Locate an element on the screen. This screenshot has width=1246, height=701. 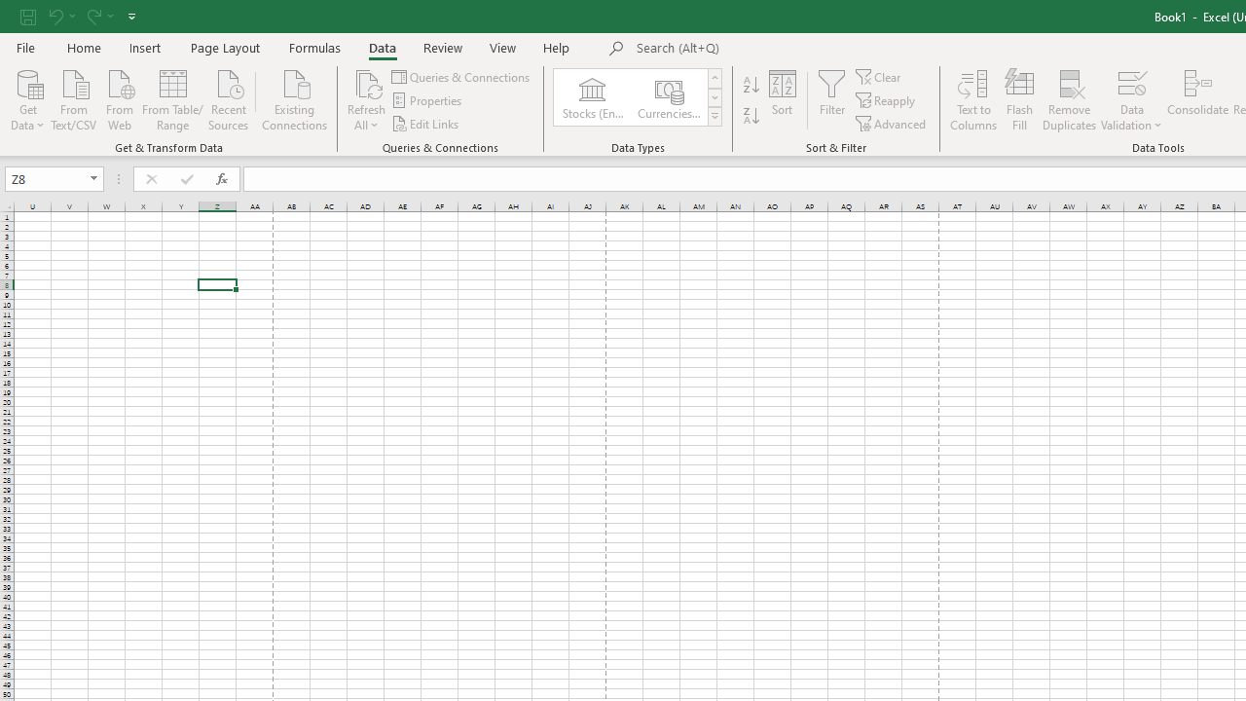
'Consolidate...' is located at coordinates (1196, 100).